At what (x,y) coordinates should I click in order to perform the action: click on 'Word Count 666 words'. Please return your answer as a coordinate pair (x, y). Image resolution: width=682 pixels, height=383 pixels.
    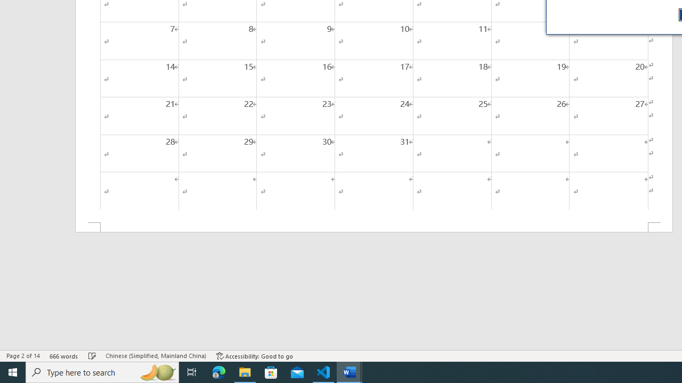
    Looking at the image, I should click on (63, 356).